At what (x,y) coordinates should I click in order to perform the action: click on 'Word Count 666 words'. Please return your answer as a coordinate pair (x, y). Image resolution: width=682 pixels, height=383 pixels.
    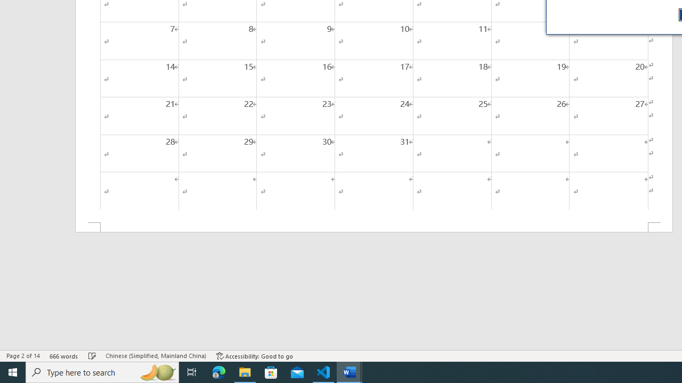
    Looking at the image, I should click on (63, 356).